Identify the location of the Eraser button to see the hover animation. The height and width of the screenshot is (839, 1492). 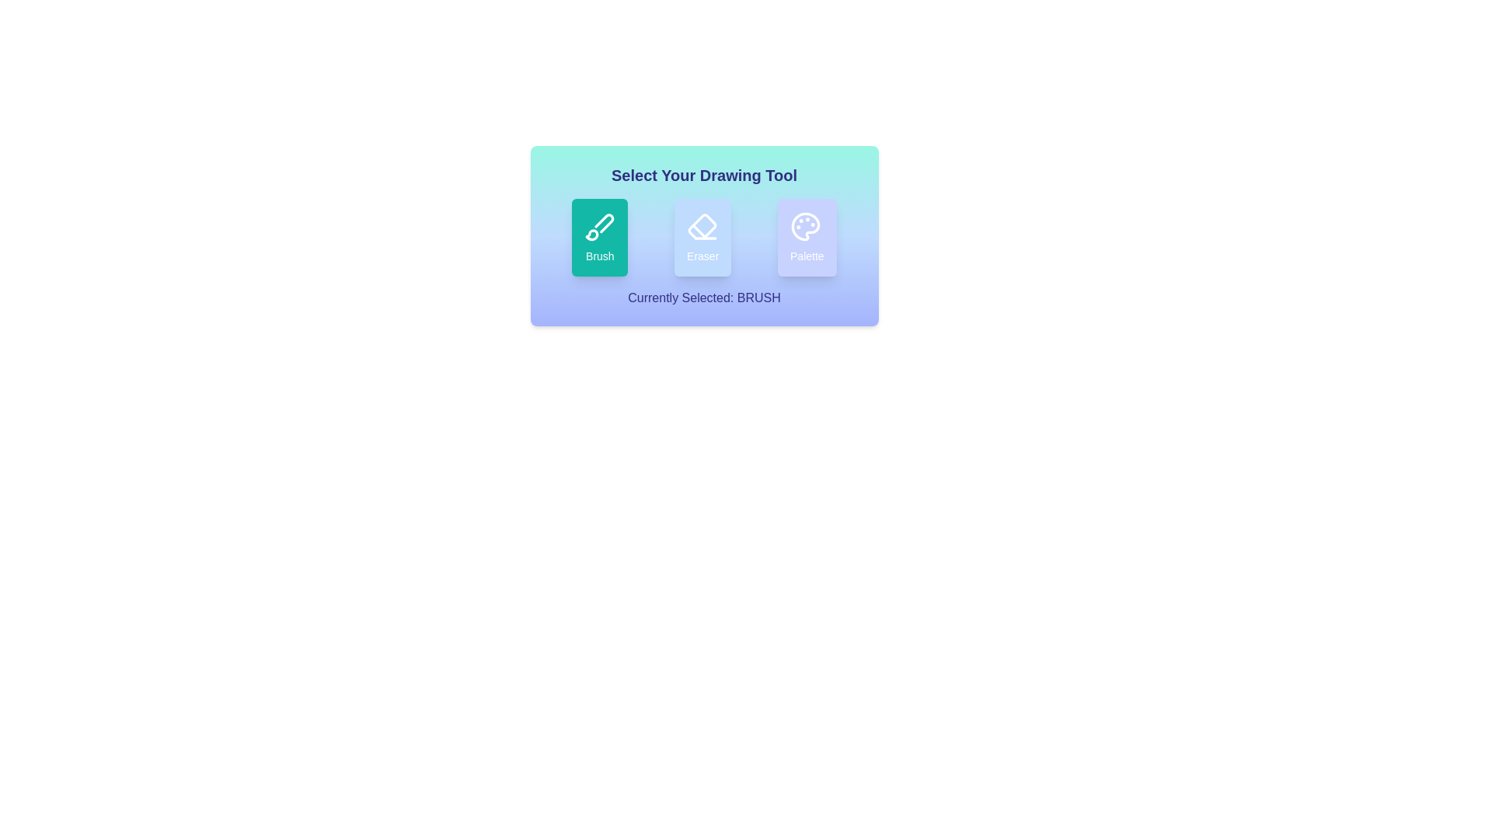
(702, 237).